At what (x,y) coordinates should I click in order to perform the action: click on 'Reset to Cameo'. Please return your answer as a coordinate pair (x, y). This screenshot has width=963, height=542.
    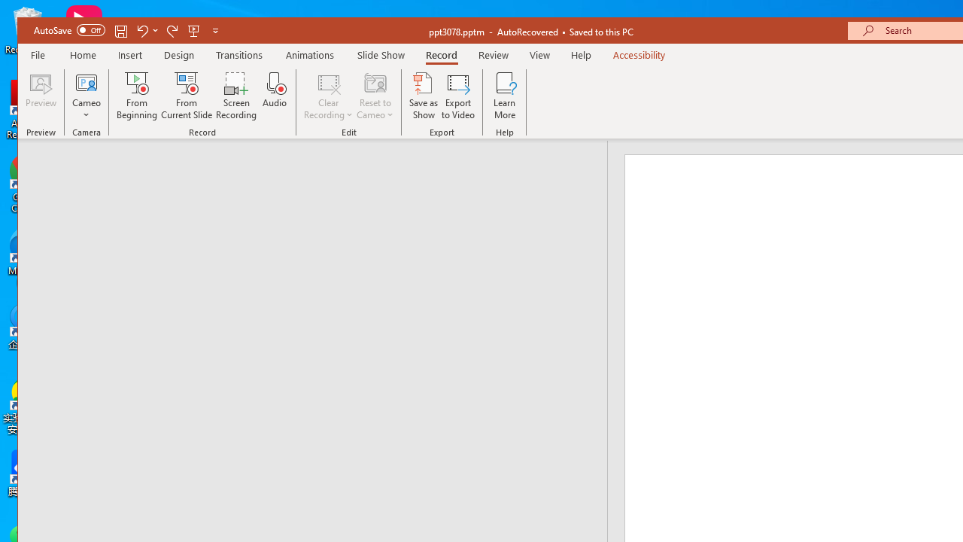
    Looking at the image, I should click on (375, 96).